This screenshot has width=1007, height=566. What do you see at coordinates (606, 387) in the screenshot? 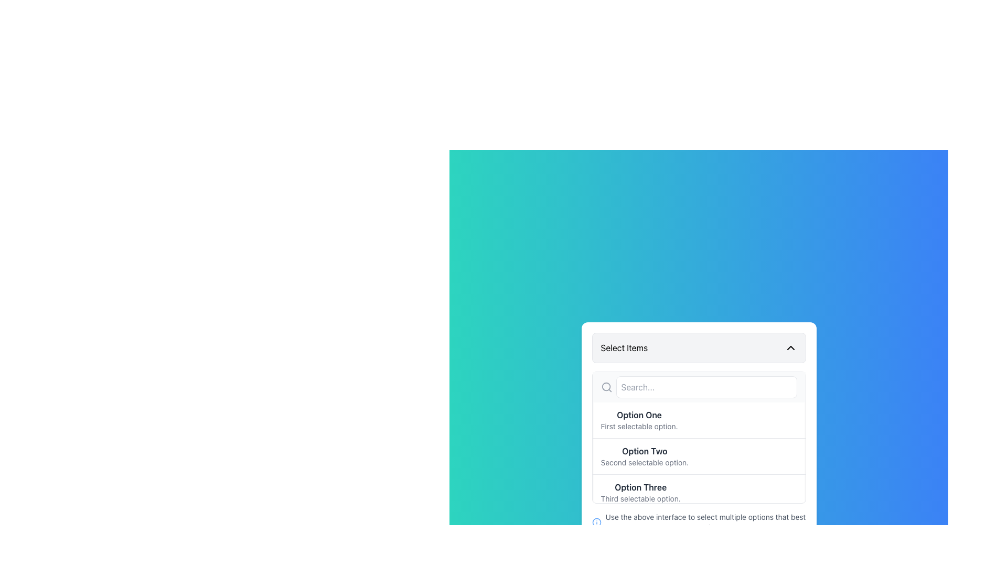
I see `the search indicator icon located to the left of the input text field with placeholder text 'Search...'` at bounding box center [606, 387].